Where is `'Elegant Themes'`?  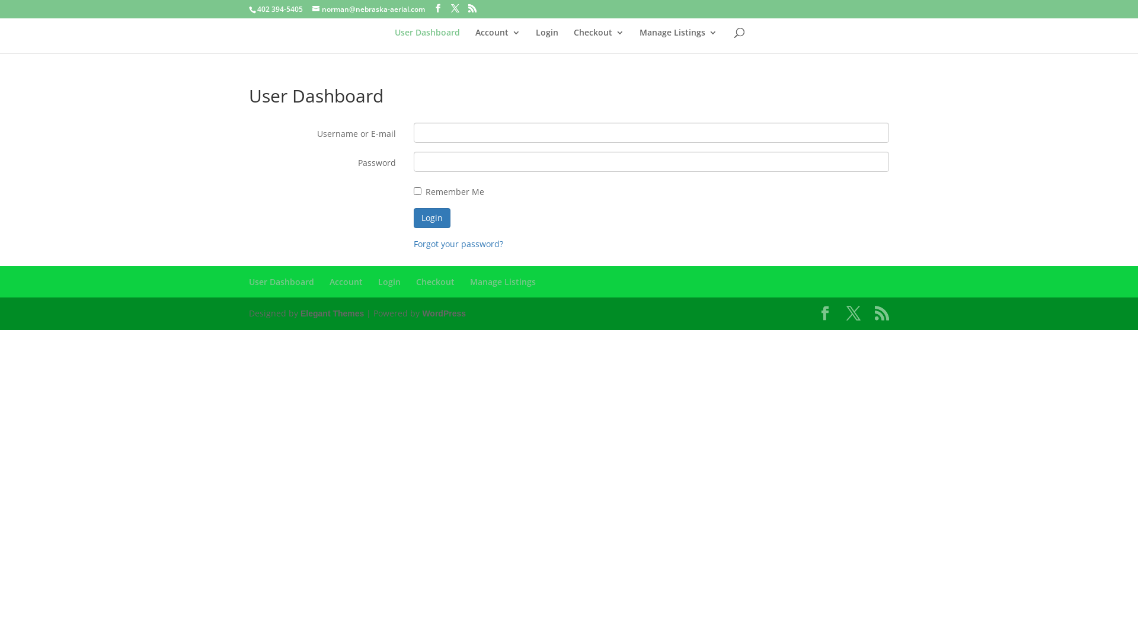
'Elegant Themes' is located at coordinates (332, 312).